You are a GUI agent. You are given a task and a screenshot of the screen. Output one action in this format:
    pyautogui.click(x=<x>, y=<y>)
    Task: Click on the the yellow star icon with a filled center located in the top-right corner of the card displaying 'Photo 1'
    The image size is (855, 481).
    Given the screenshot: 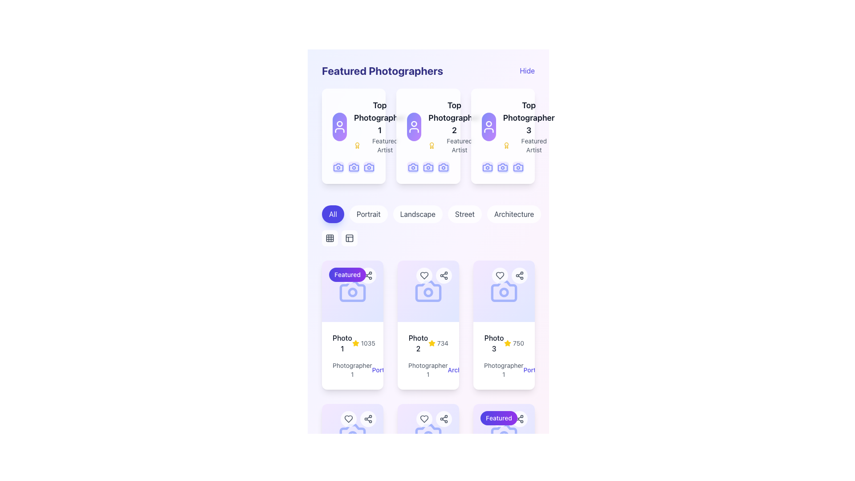 What is the action you would take?
    pyautogui.click(x=355, y=343)
    